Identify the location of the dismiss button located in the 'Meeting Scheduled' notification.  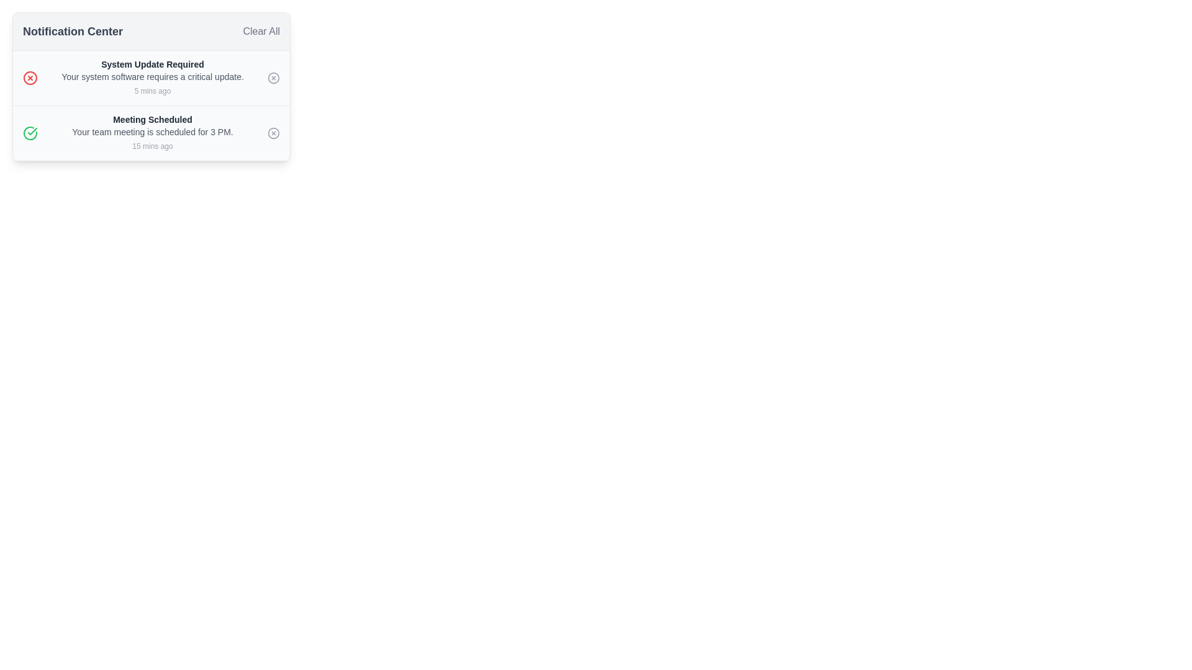
(273, 133).